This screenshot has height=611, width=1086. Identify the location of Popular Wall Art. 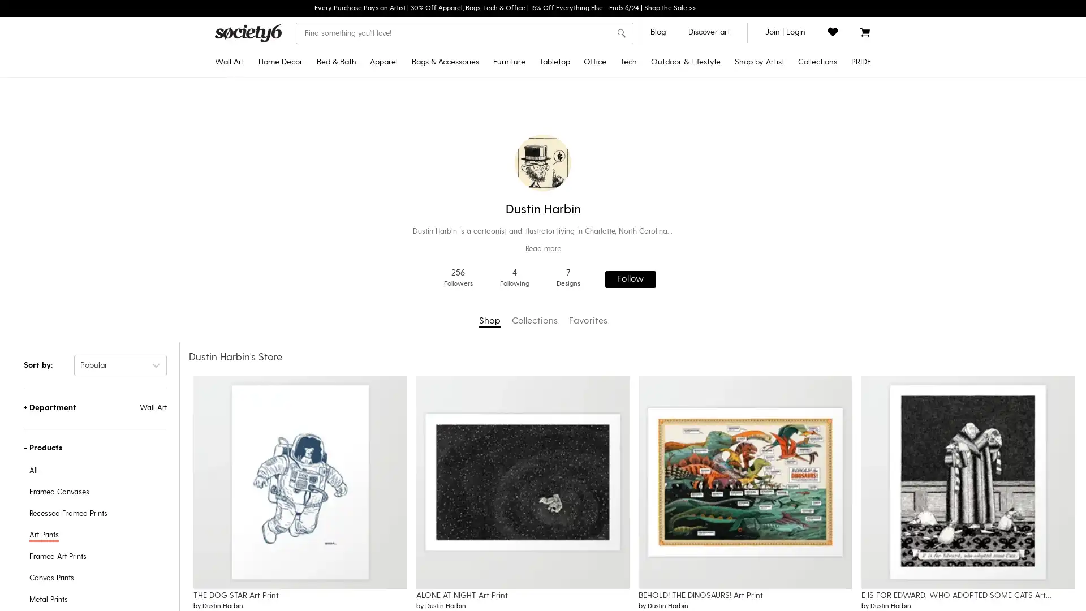
(775, 163).